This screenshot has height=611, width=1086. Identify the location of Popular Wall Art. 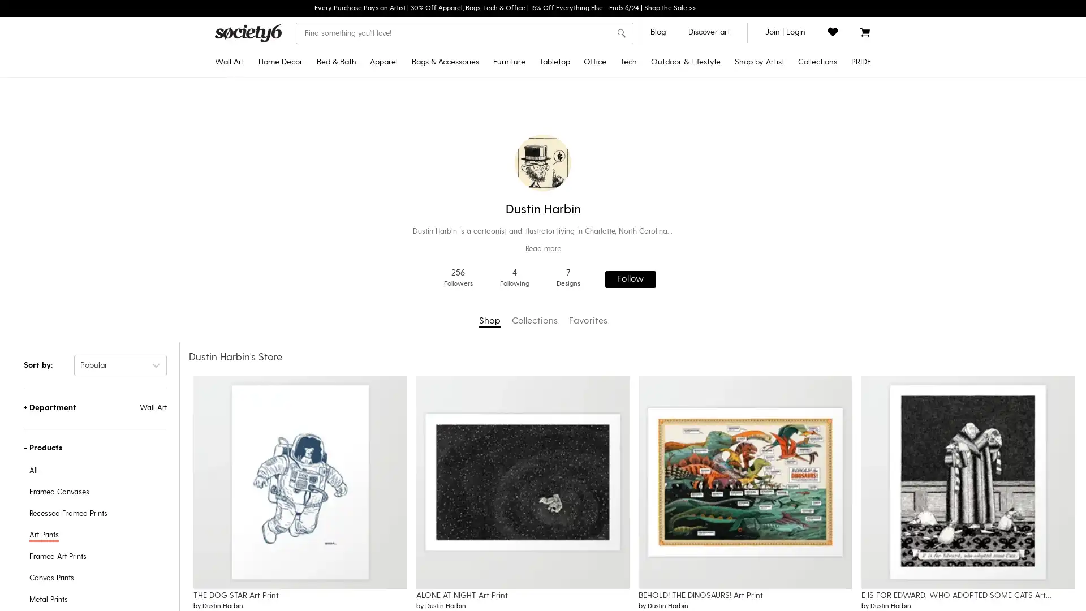
(775, 163).